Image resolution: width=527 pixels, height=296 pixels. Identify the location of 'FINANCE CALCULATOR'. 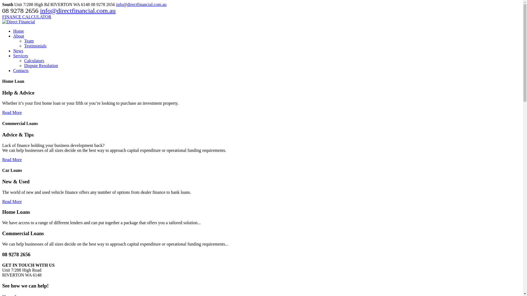
(26, 16).